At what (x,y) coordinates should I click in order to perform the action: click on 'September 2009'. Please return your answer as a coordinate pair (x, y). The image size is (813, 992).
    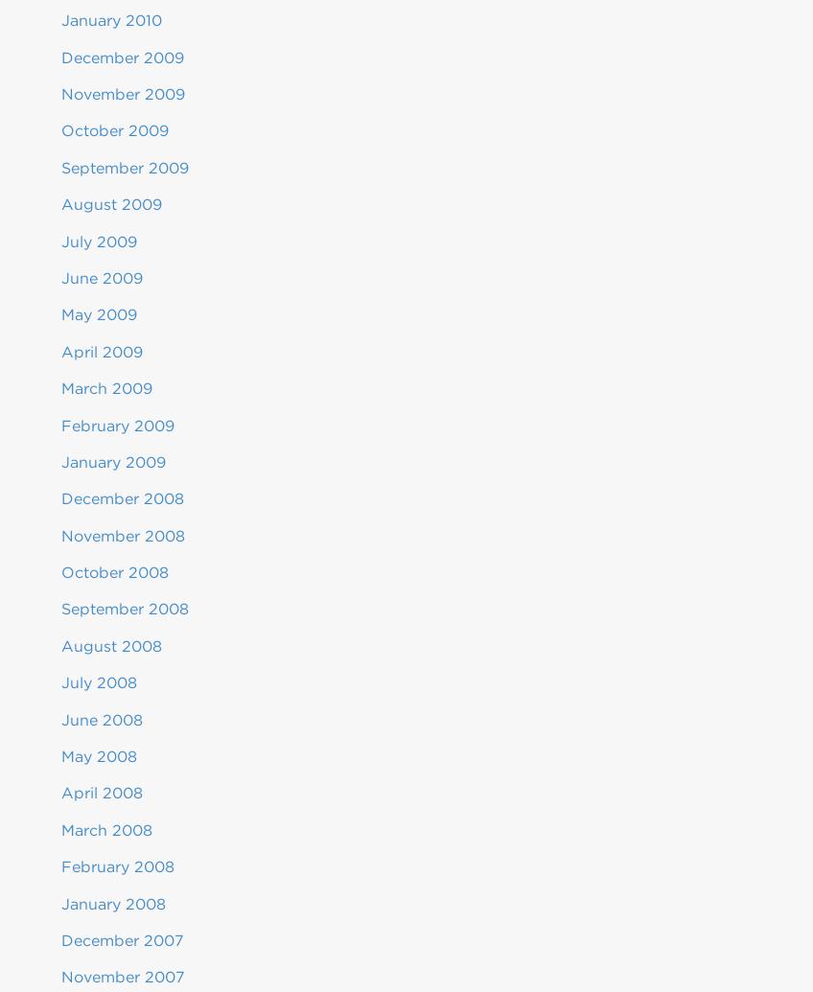
    Looking at the image, I should click on (124, 167).